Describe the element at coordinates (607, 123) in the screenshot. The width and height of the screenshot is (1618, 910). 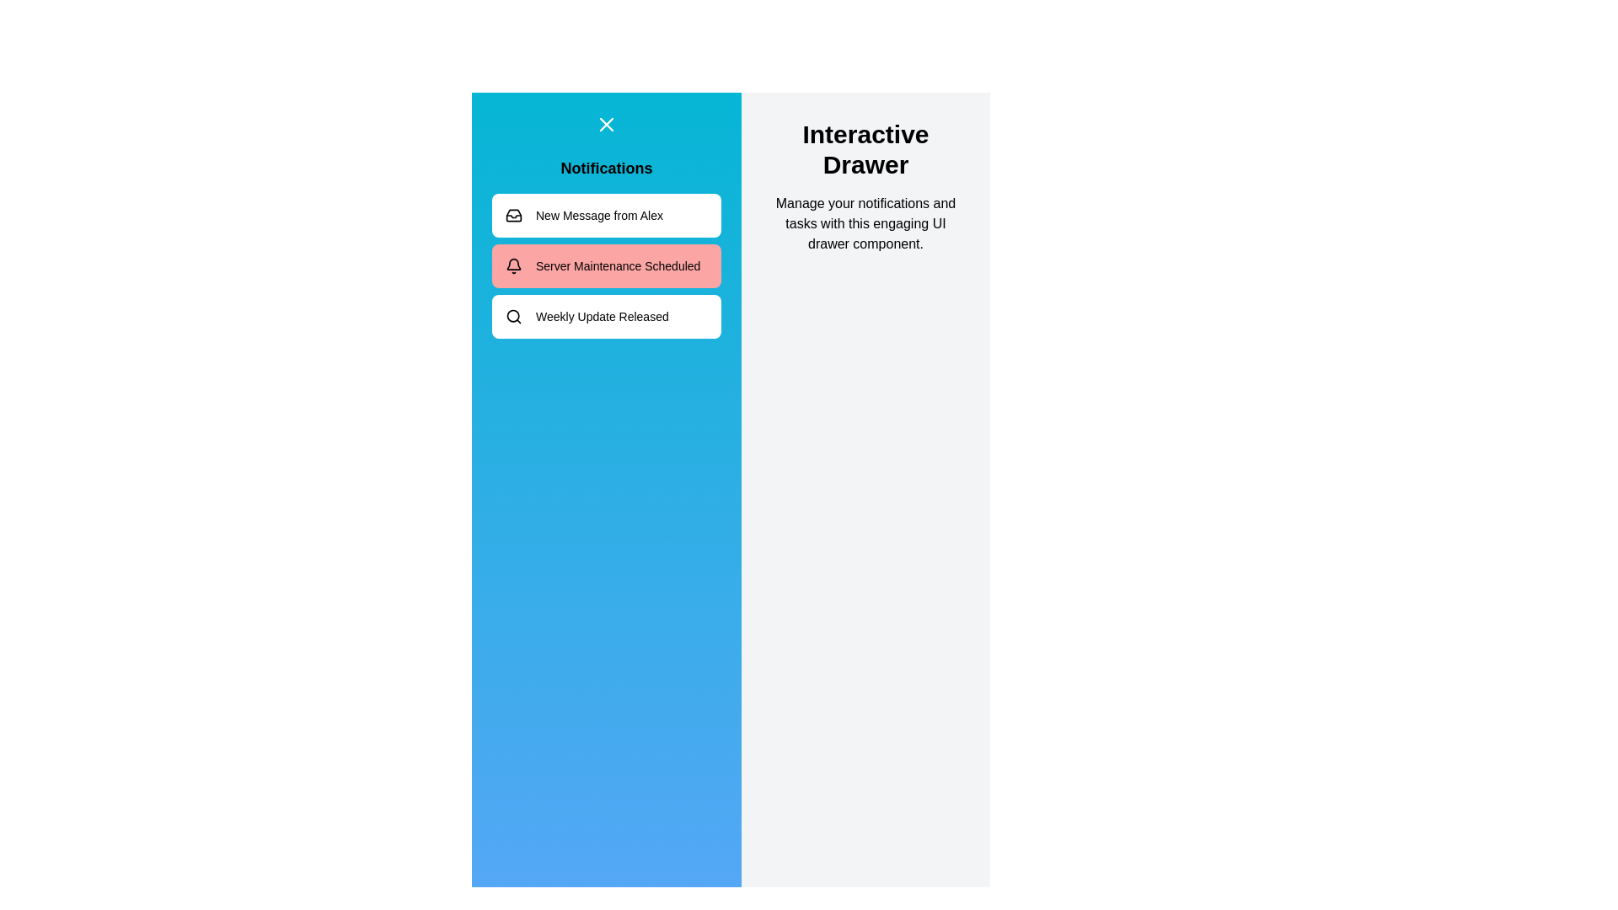
I see `toggle button to toggle the drawer open or closed` at that location.